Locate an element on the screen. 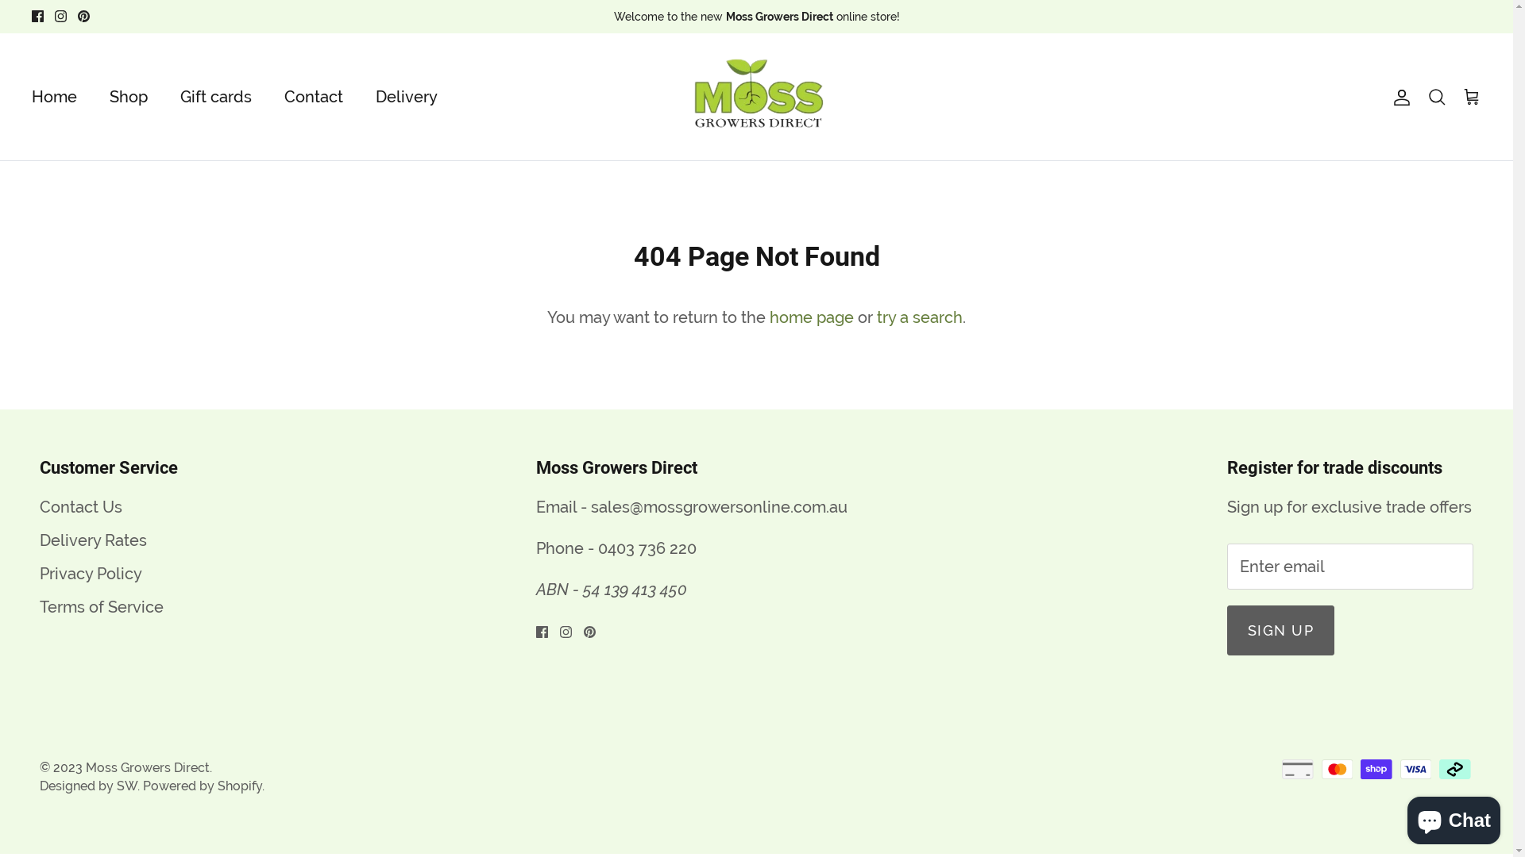  'Cart' is located at coordinates (1461, 97).